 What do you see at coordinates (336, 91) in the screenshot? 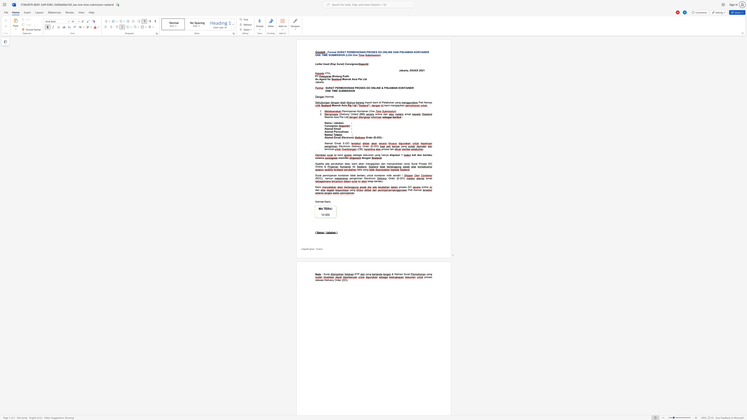
I see `the space between the continuous character "M" and "E" in the text` at bounding box center [336, 91].